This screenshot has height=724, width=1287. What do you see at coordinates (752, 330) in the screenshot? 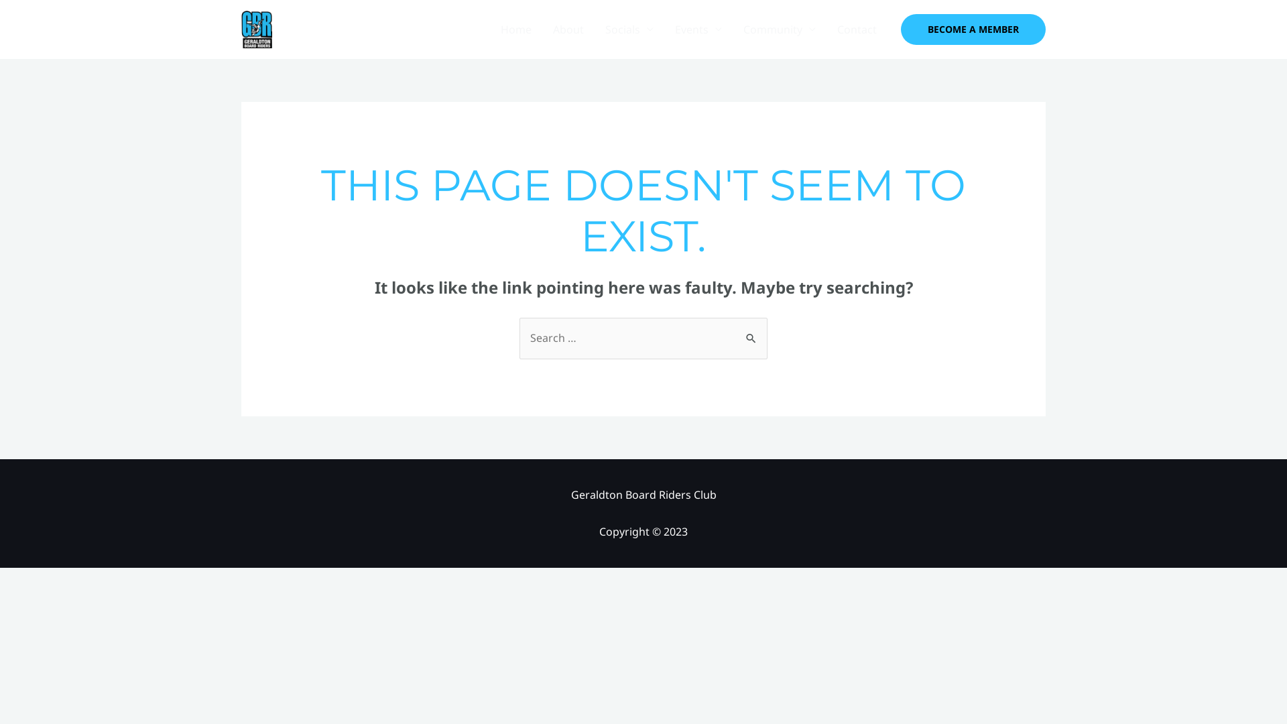
I see `'Search'` at bounding box center [752, 330].